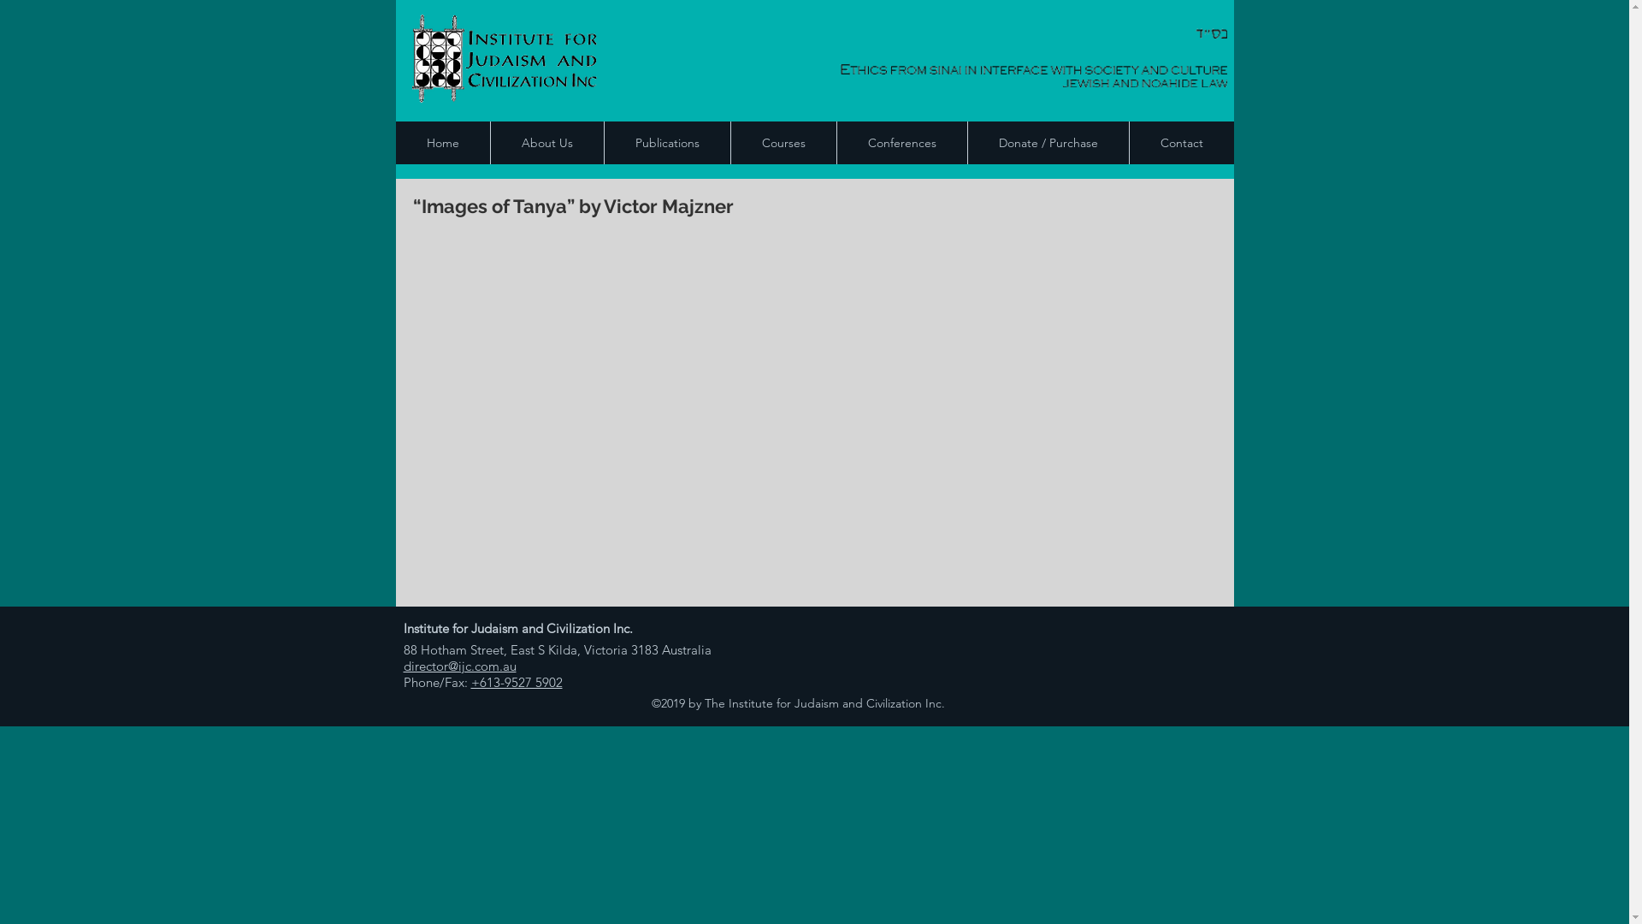 The width and height of the screenshot is (1642, 924). Describe the element at coordinates (1180, 141) in the screenshot. I see `'Contact'` at that location.